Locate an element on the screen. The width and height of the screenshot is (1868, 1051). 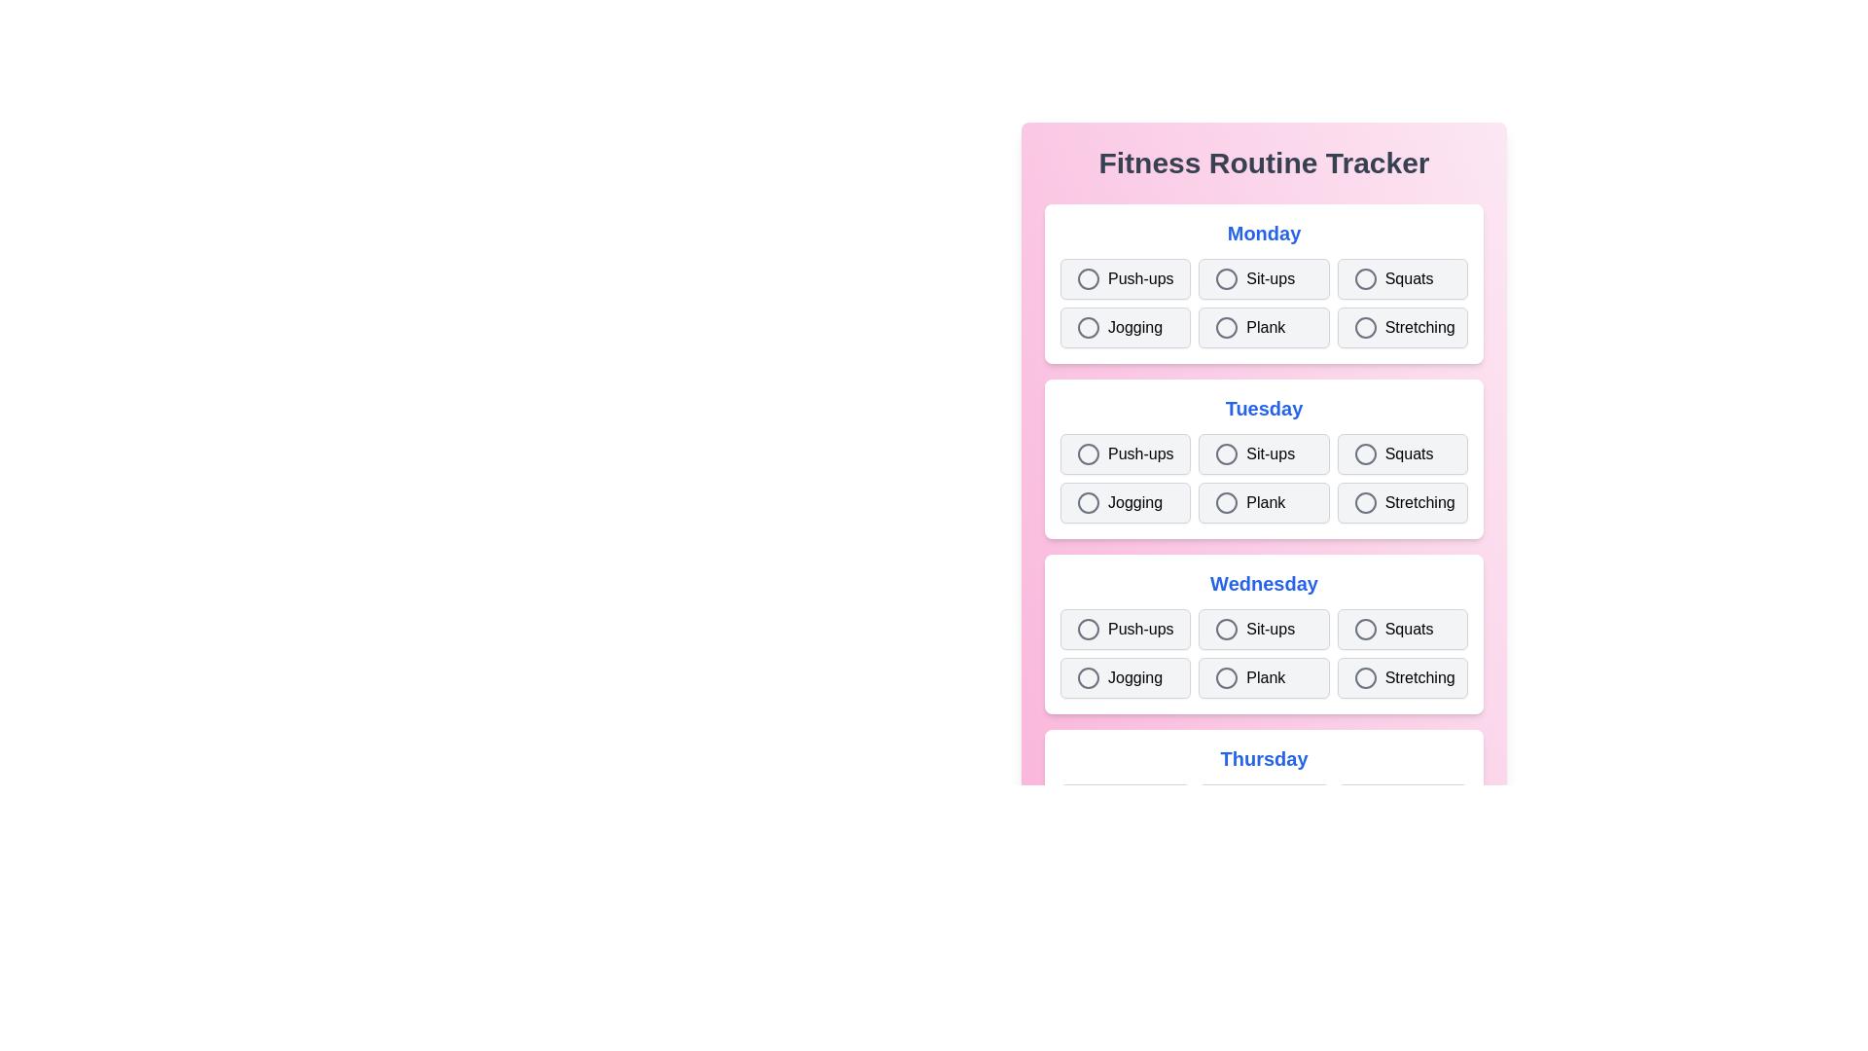
the exercise Push-ups for the day Monday is located at coordinates (1125, 278).